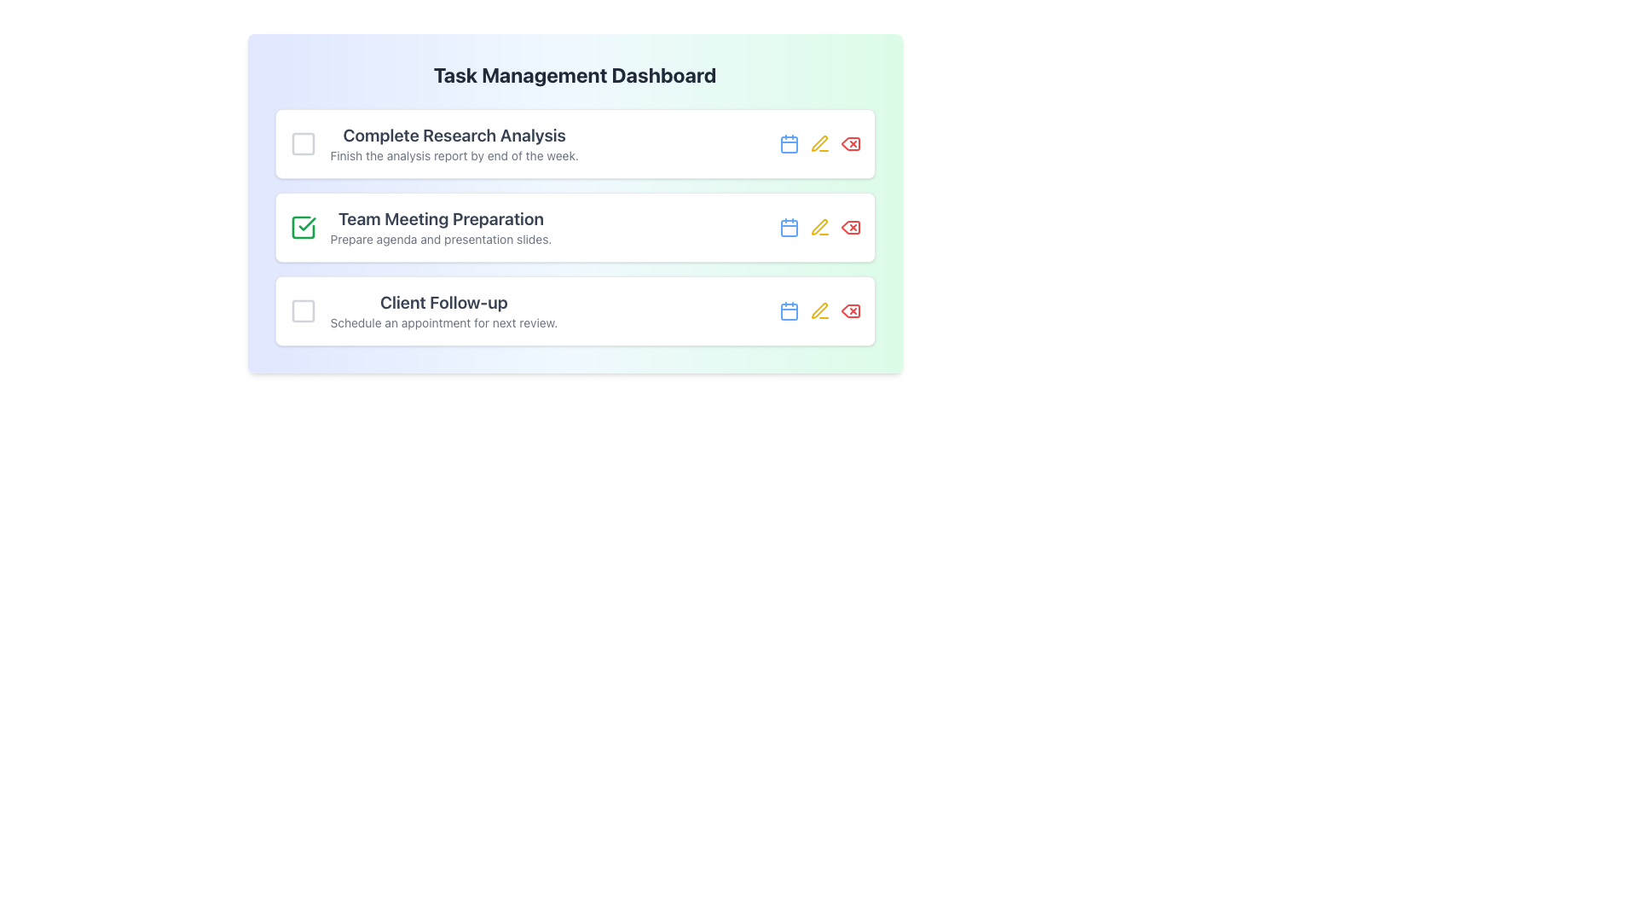 This screenshot has width=1637, height=921. Describe the element at coordinates (434, 143) in the screenshot. I see `the task item that provides details for the first task in the task management system, allowing interaction with associated elements like the checkbox or action buttons` at that location.